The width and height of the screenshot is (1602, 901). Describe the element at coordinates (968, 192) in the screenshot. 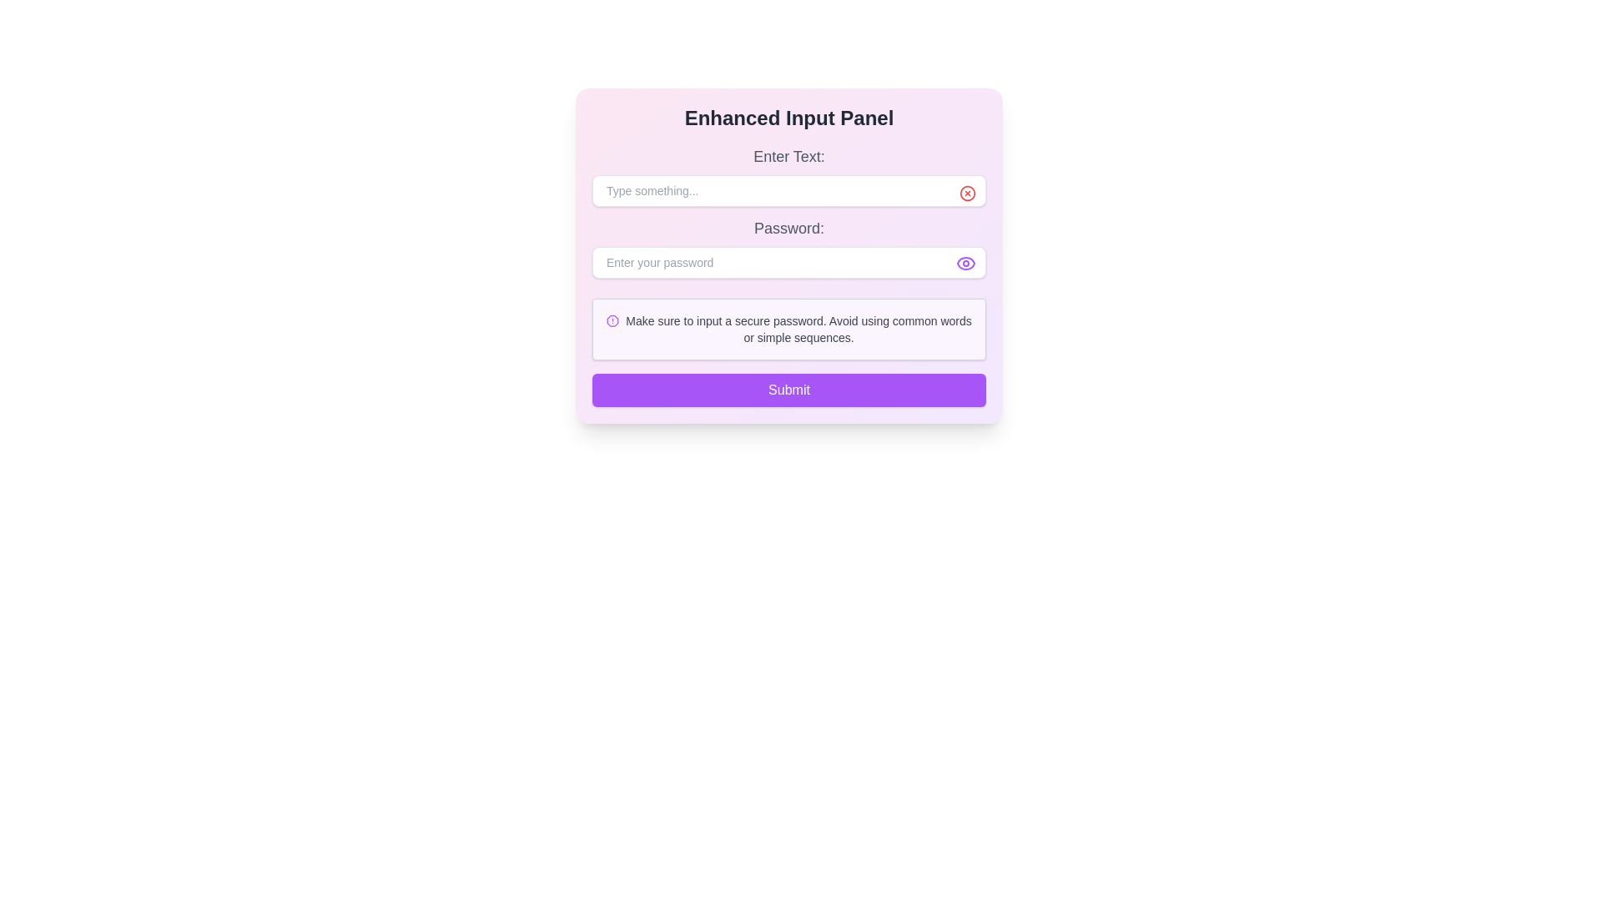

I see `the Circle icon with a cross located at the top right of the 'Enter Text' input field, which indicates a clear or error action` at that location.